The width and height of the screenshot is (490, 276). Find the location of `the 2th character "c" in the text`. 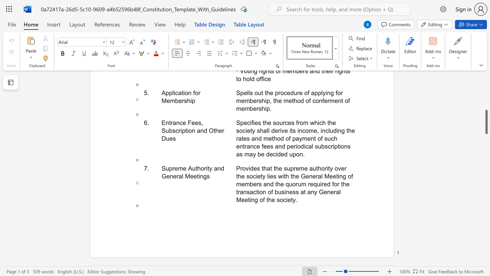

the 2th character "c" in the text is located at coordinates (284, 199).